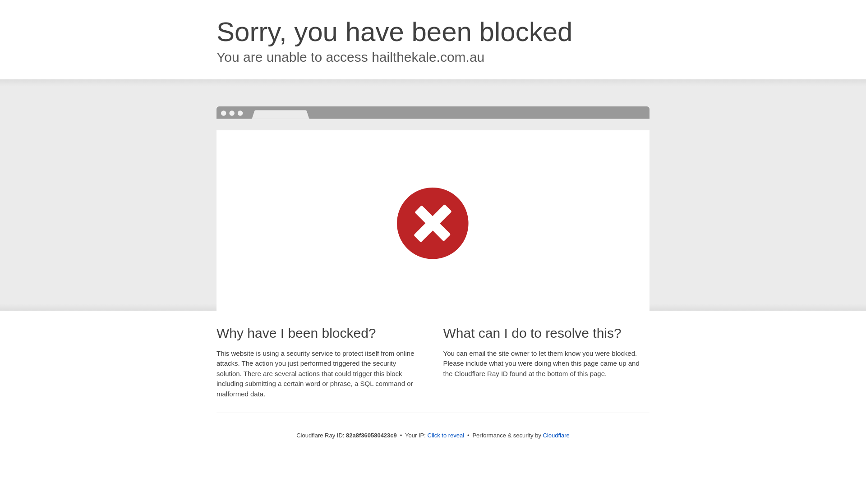 The height and width of the screenshot is (487, 866). Describe the element at coordinates (427, 435) in the screenshot. I see `'Click to reveal'` at that location.